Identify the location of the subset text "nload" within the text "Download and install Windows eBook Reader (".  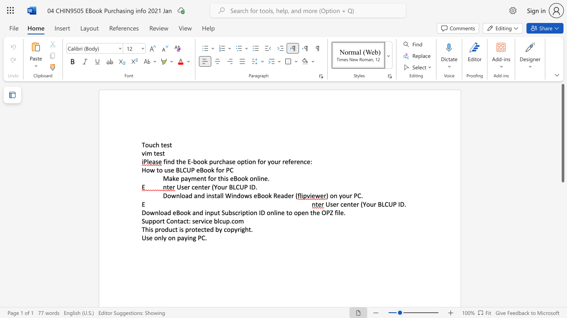
(176, 195).